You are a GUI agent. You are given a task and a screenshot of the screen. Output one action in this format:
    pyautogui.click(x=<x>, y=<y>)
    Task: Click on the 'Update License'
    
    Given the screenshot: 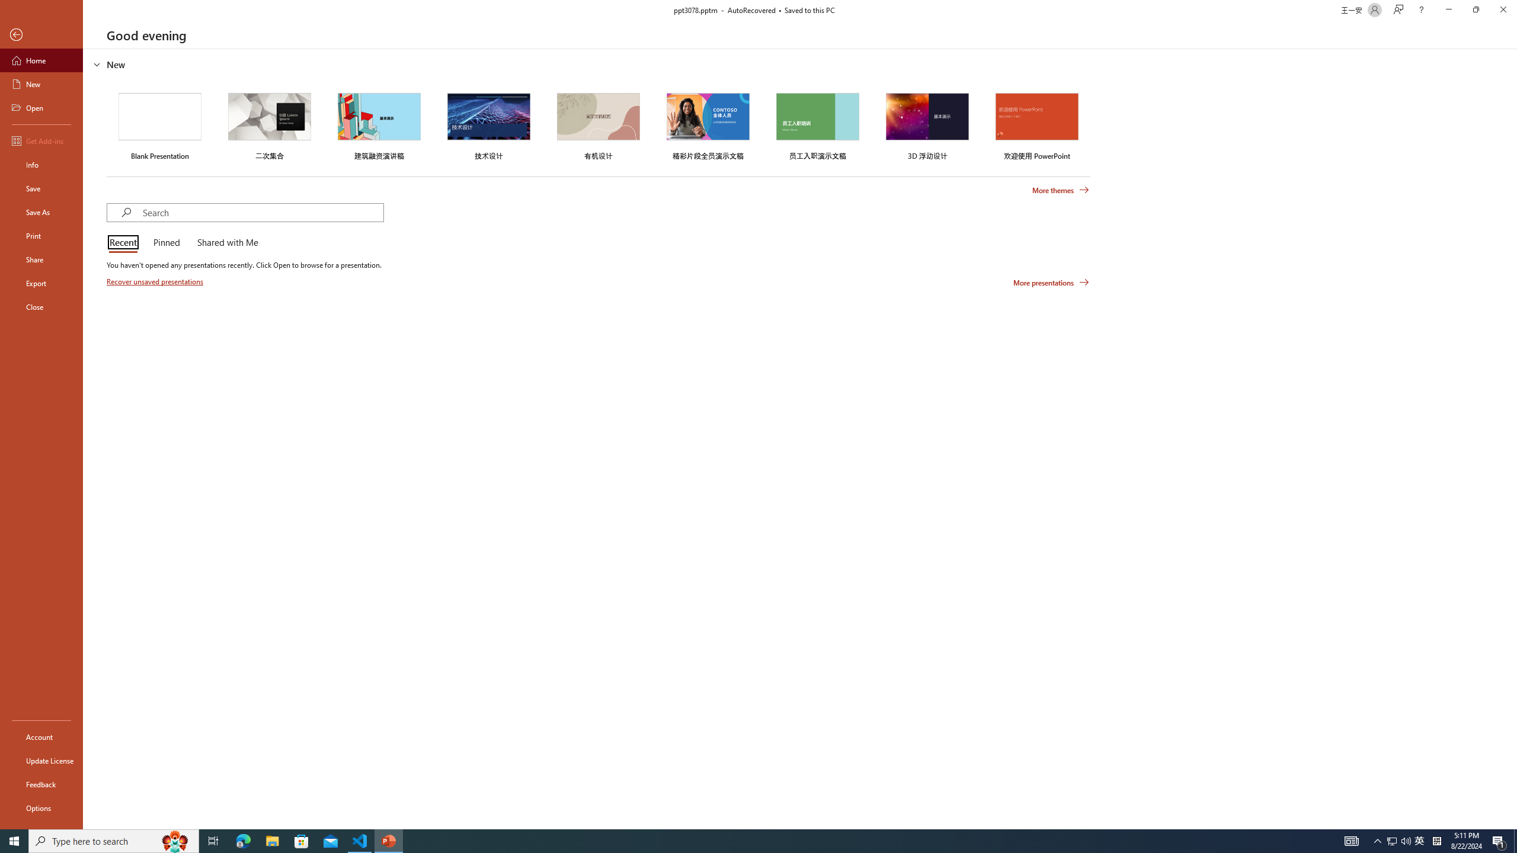 What is the action you would take?
    pyautogui.click(x=41, y=760)
    